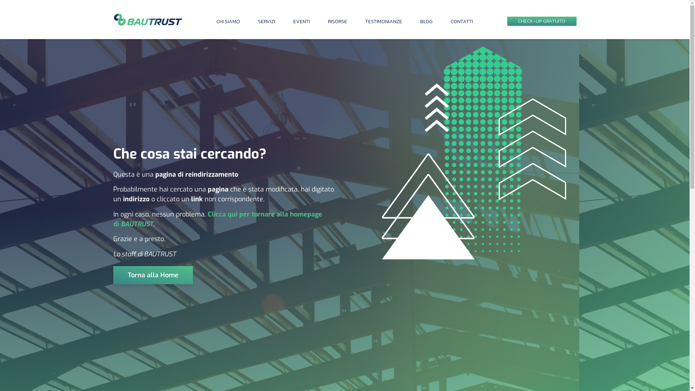 The width and height of the screenshot is (695, 391). Describe the element at coordinates (302, 21) in the screenshot. I see `'EVENTI'` at that location.